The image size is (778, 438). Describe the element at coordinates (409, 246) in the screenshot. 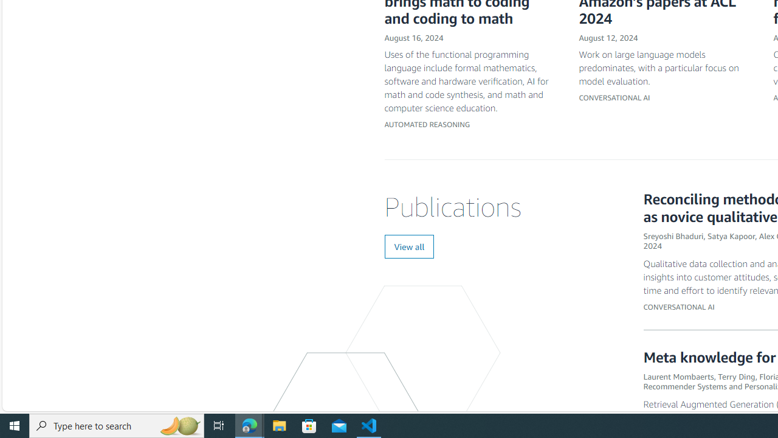

I see `'View all'` at that location.